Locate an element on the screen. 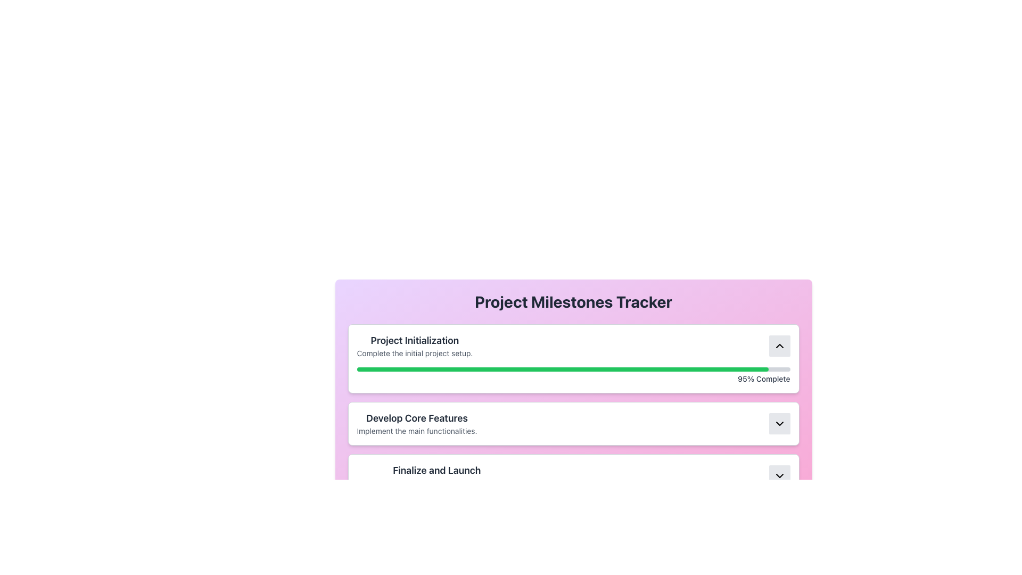 This screenshot has width=1022, height=575. the downward-pointing chevron icon located at the top-right corner of the second milestone card is located at coordinates (779, 423).